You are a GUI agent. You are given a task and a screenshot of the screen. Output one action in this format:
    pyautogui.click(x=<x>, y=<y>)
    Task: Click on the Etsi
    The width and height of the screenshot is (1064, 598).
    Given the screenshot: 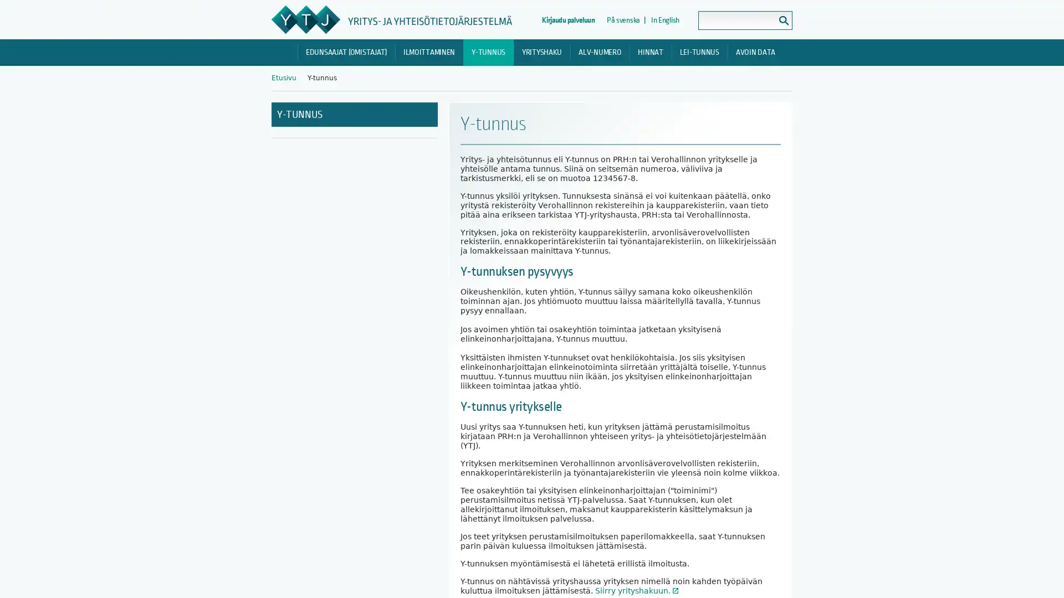 What is the action you would take?
    pyautogui.click(x=783, y=20)
    